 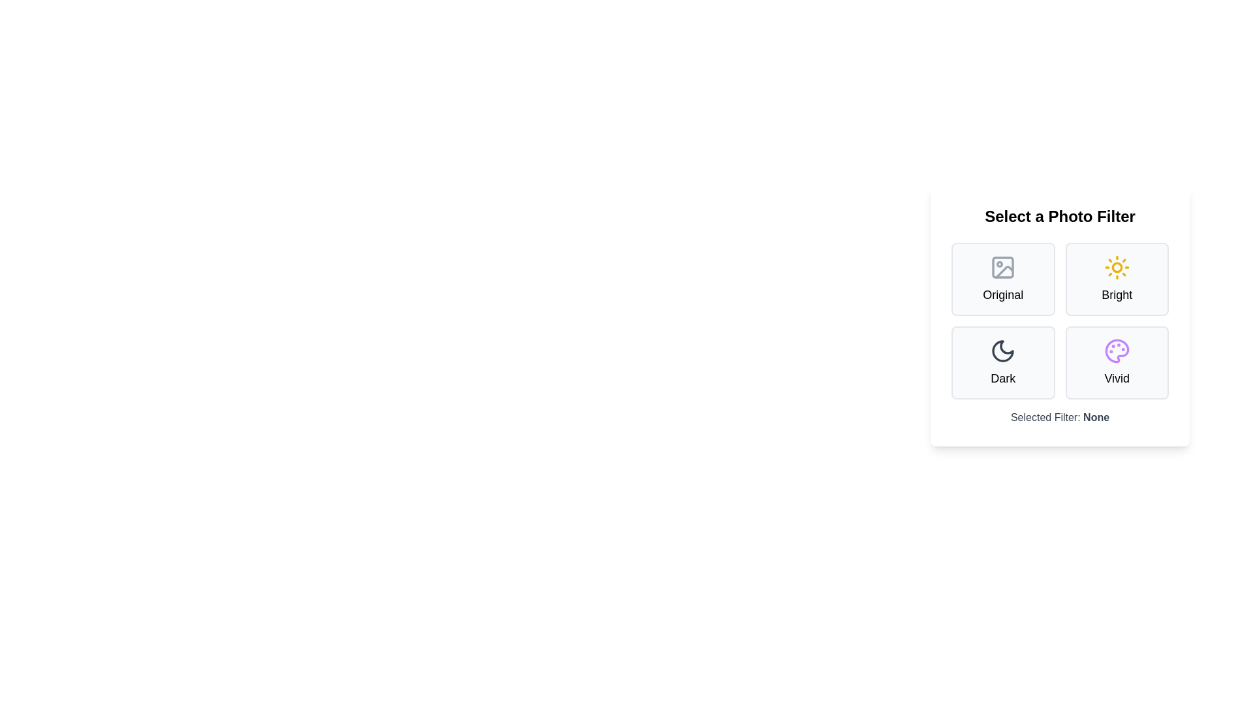 What do you see at coordinates (1060, 418) in the screenshot?
I see `the 'Selected Filter' text displayed below the filter options` at bounding box center [1060, 418].